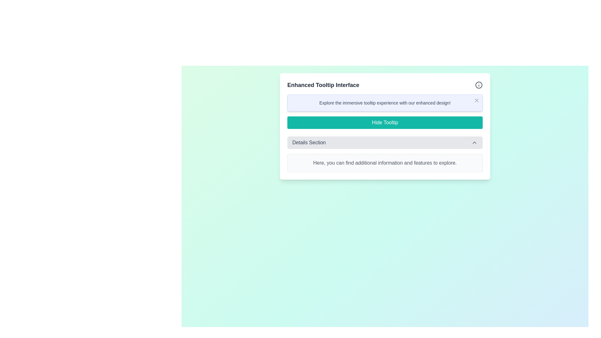 This screenshot has height=338, width=601. Describe the element at coordinates (476, 100) in the screenshot. I see `the cross-shaped icon located at the top-right corner of the 'Enhanced Tooltip Interface' modal to change its color` at that location.